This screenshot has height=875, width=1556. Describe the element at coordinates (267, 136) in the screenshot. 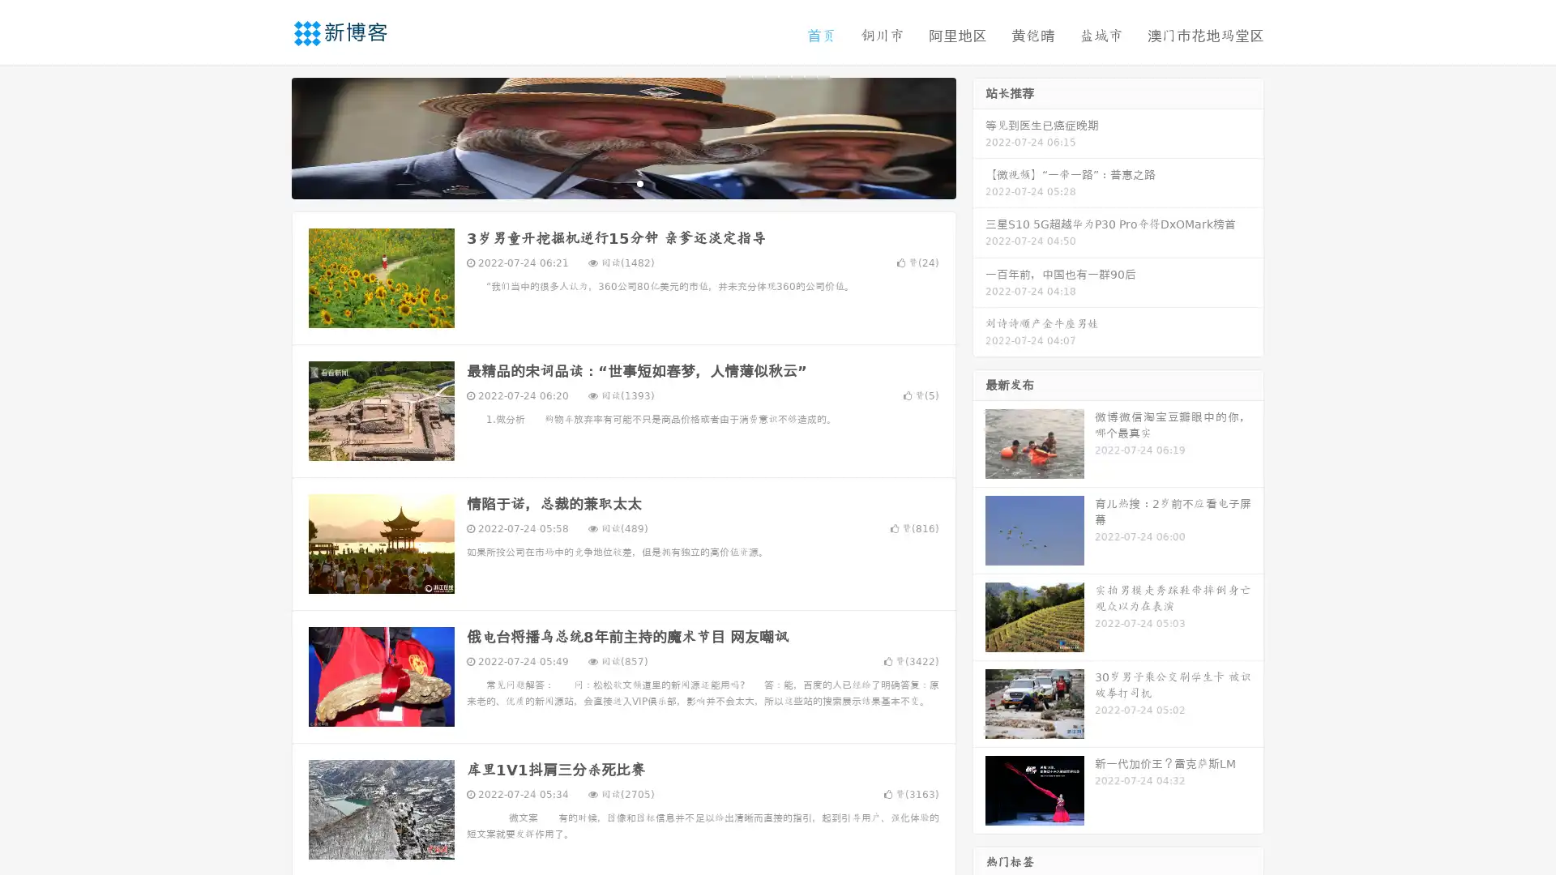

I see `Previous slide` at that location.